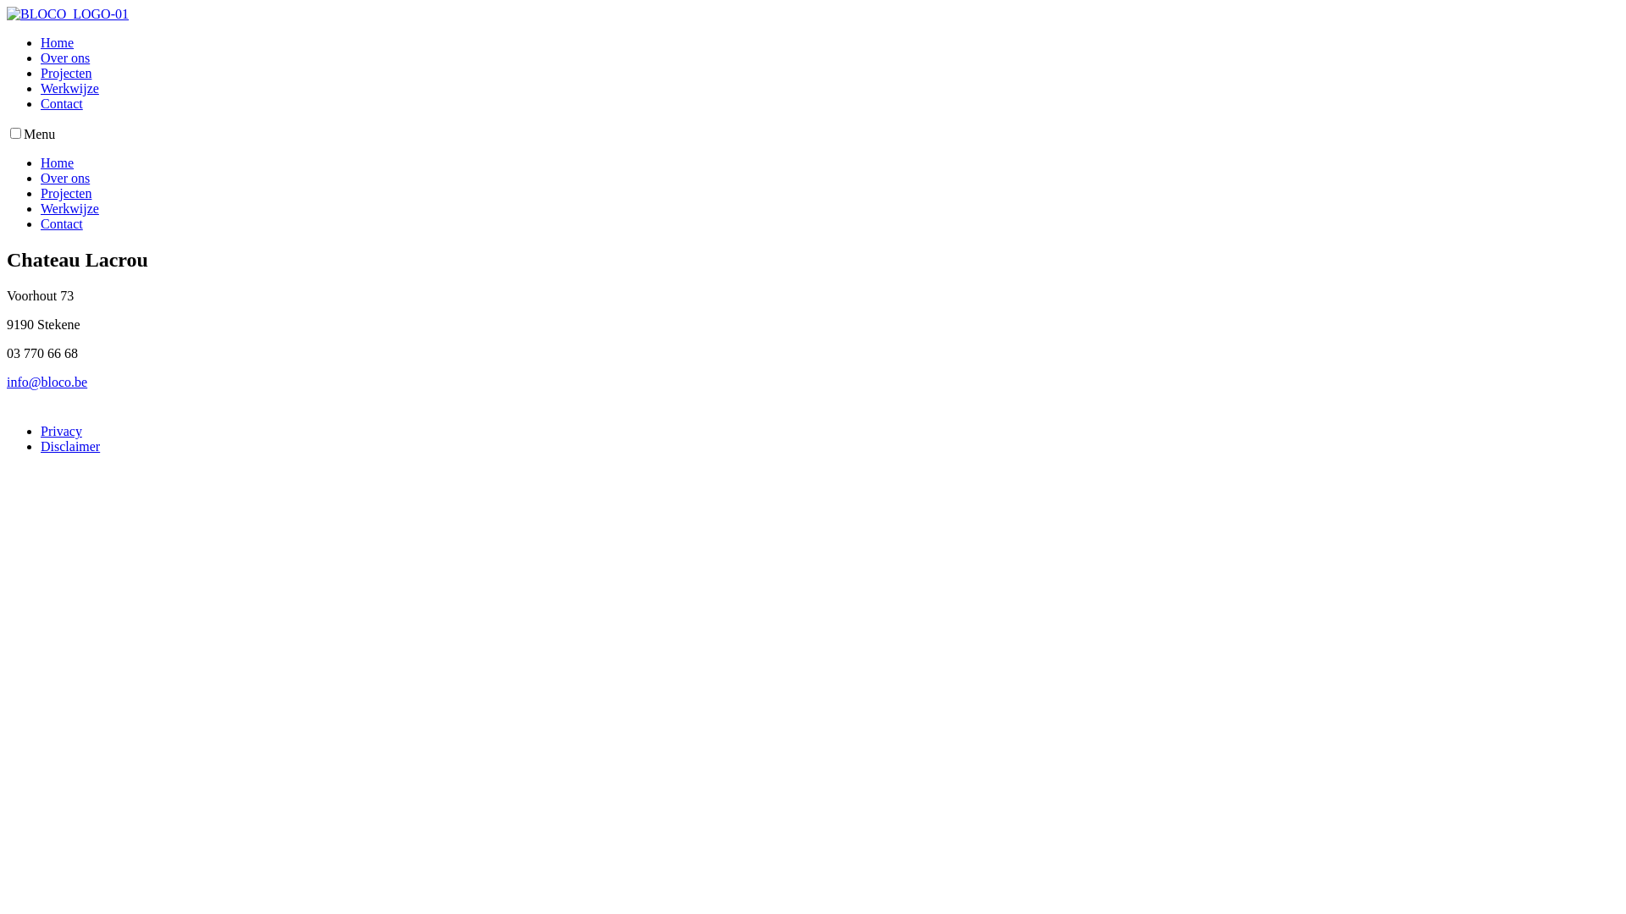  Describe the element at coordinates (61, 103) in the screenshot. I see `'Contact'` at that location.